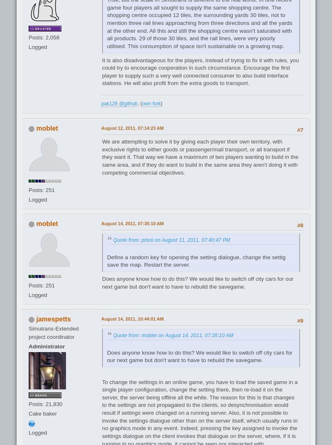 The height and width of the screenshot is (445, 332). Describe the element at coordinates (102, 71) in the screenshot. I see `'It is also disadvantageous for the players, instead of trying to fix it with rules, you could try to encourage cooperation in such circumstance. Encourage the first player to supply such a very well connected consumer to also build interface stations. He will also profit from the extra goods to transport.'` at that location.